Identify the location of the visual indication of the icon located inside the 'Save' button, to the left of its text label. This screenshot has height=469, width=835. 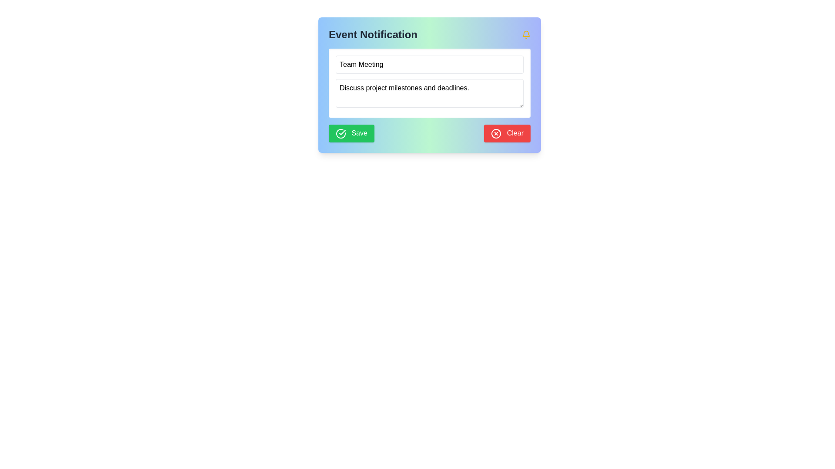
(340, 133).